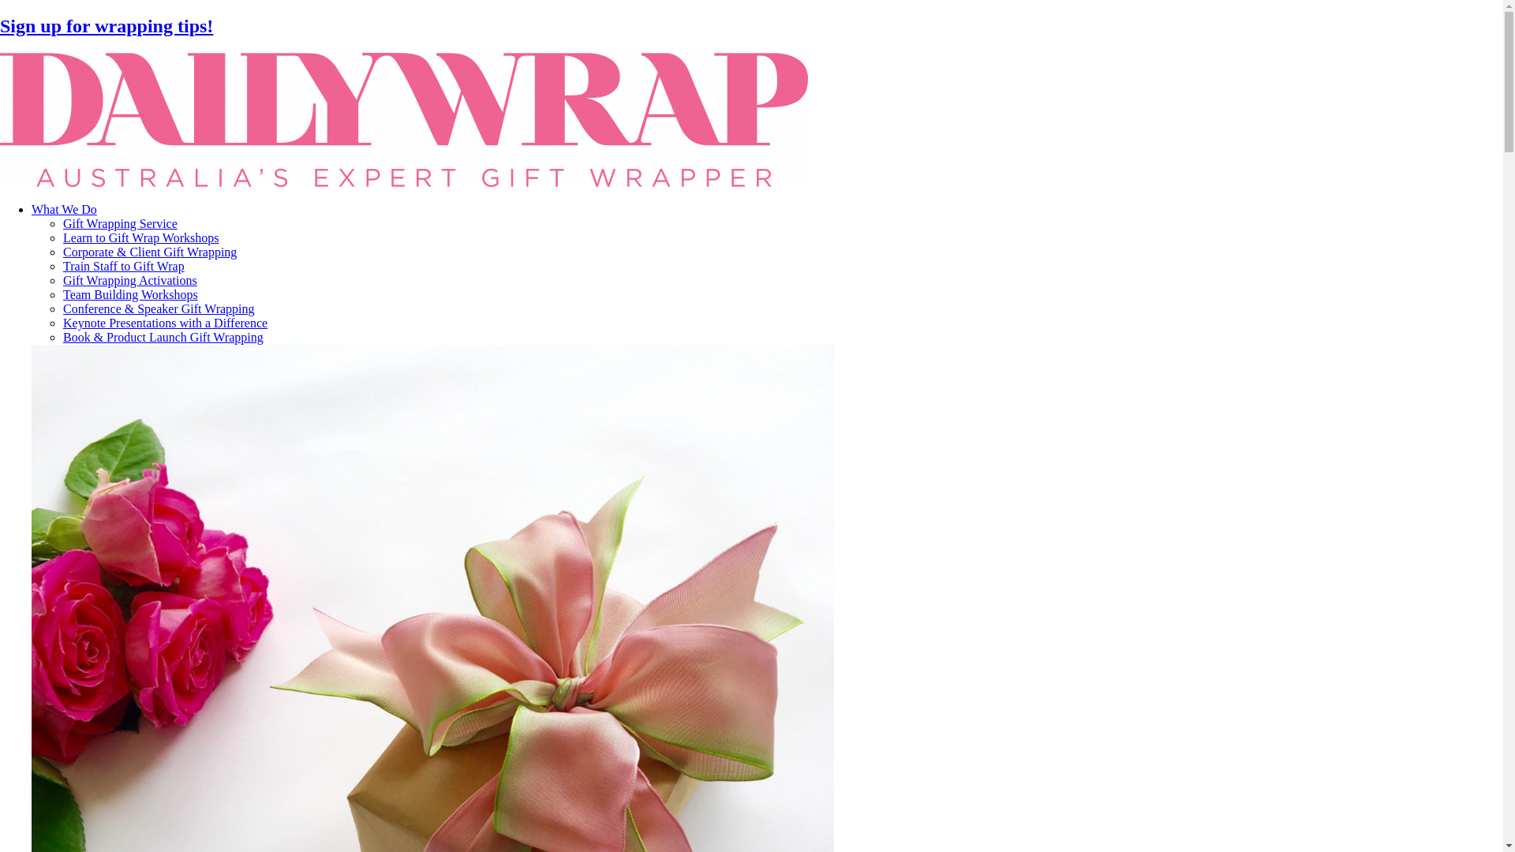 The image size is (1515, 852). What do you see at coordinates (150, 251) in the screenshot?
I see `'Corporate & Client Gift Wrapping'` at bounding box center [150, 251].